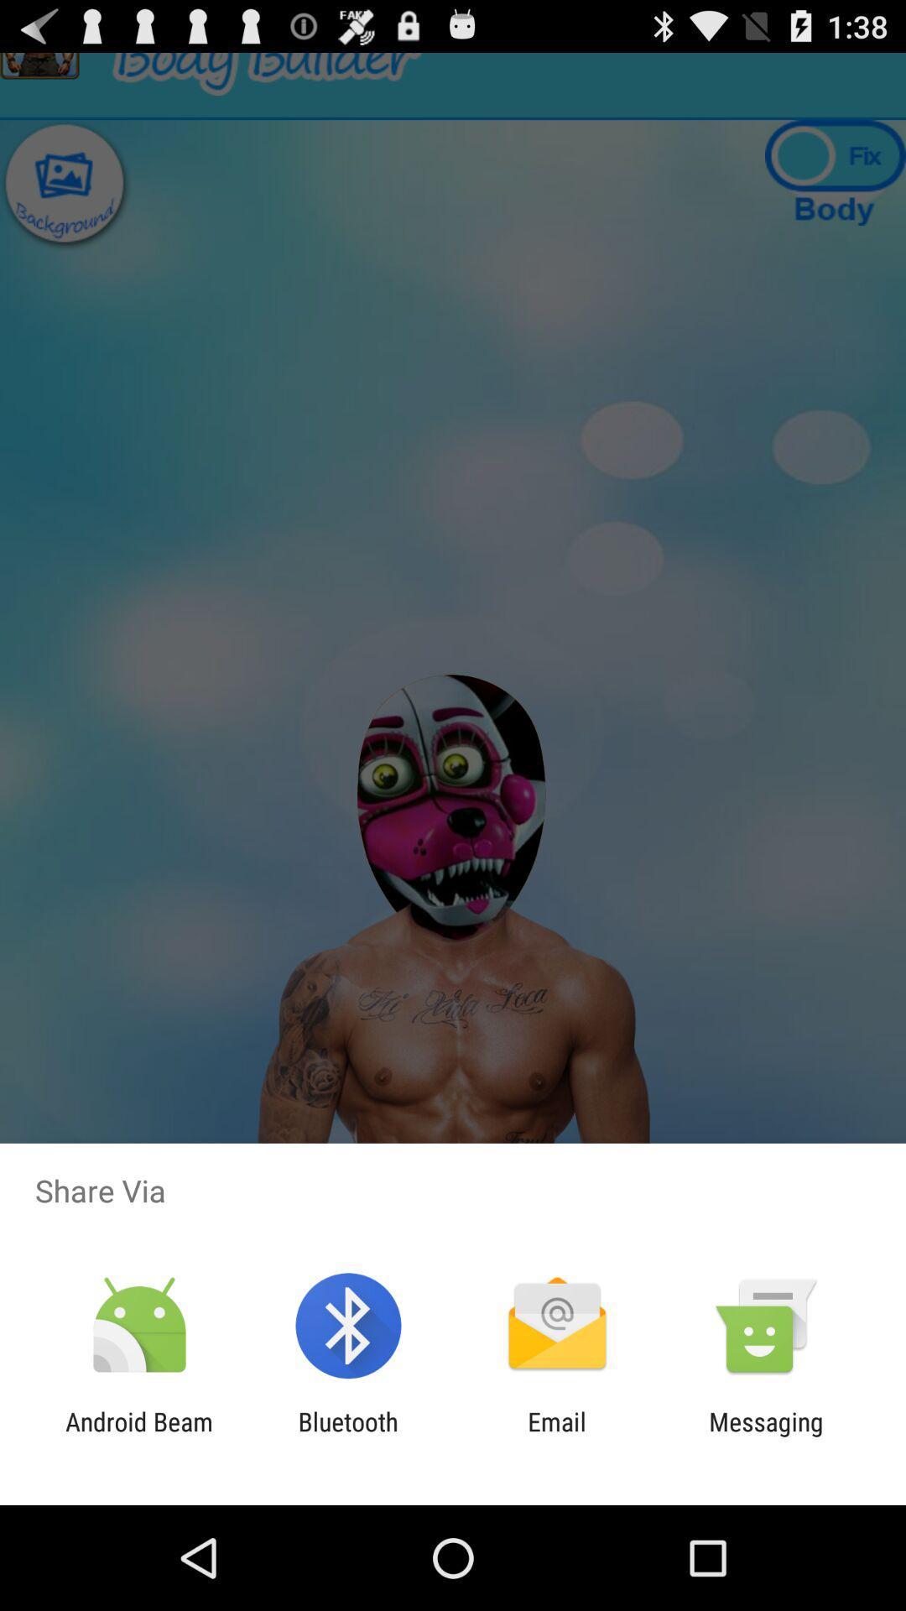 This screenshot has height=1611, width=906. Describe the element at coordinates (347, 1436) in the screenshot. I see `app to the right of android beam` at that location.